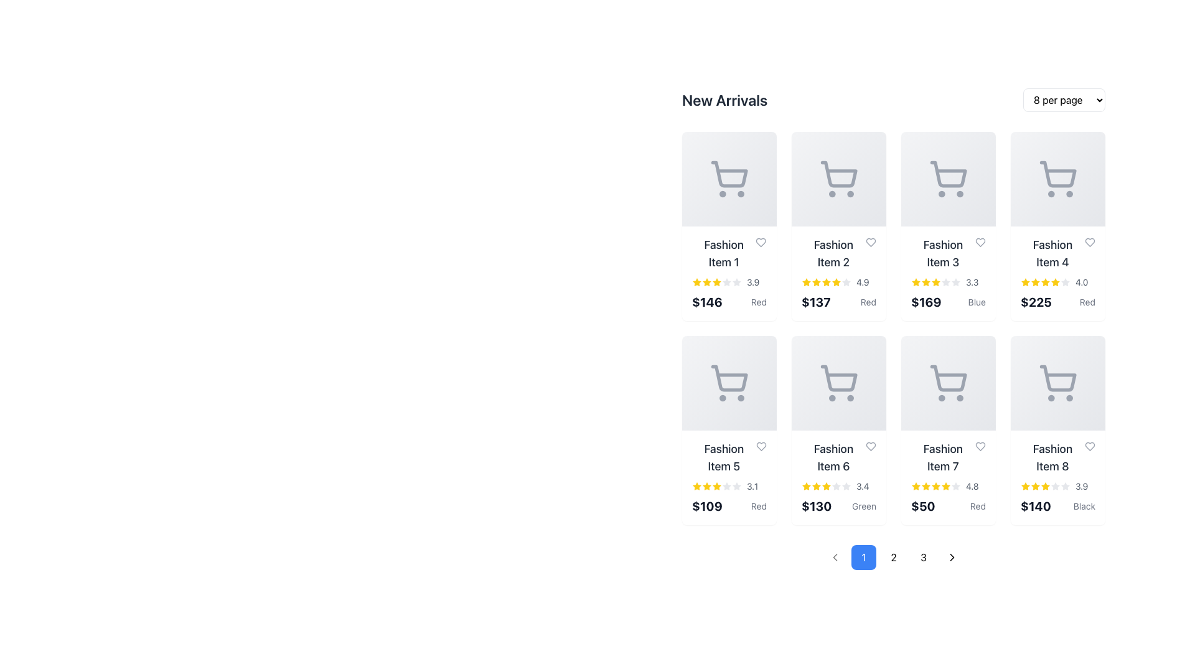 This screenshot has height=672, width=1195. Describe the element at coordinates (1057, 273) in the screenshot. I see `the fourth product card in the first row of the product grid` at that location.